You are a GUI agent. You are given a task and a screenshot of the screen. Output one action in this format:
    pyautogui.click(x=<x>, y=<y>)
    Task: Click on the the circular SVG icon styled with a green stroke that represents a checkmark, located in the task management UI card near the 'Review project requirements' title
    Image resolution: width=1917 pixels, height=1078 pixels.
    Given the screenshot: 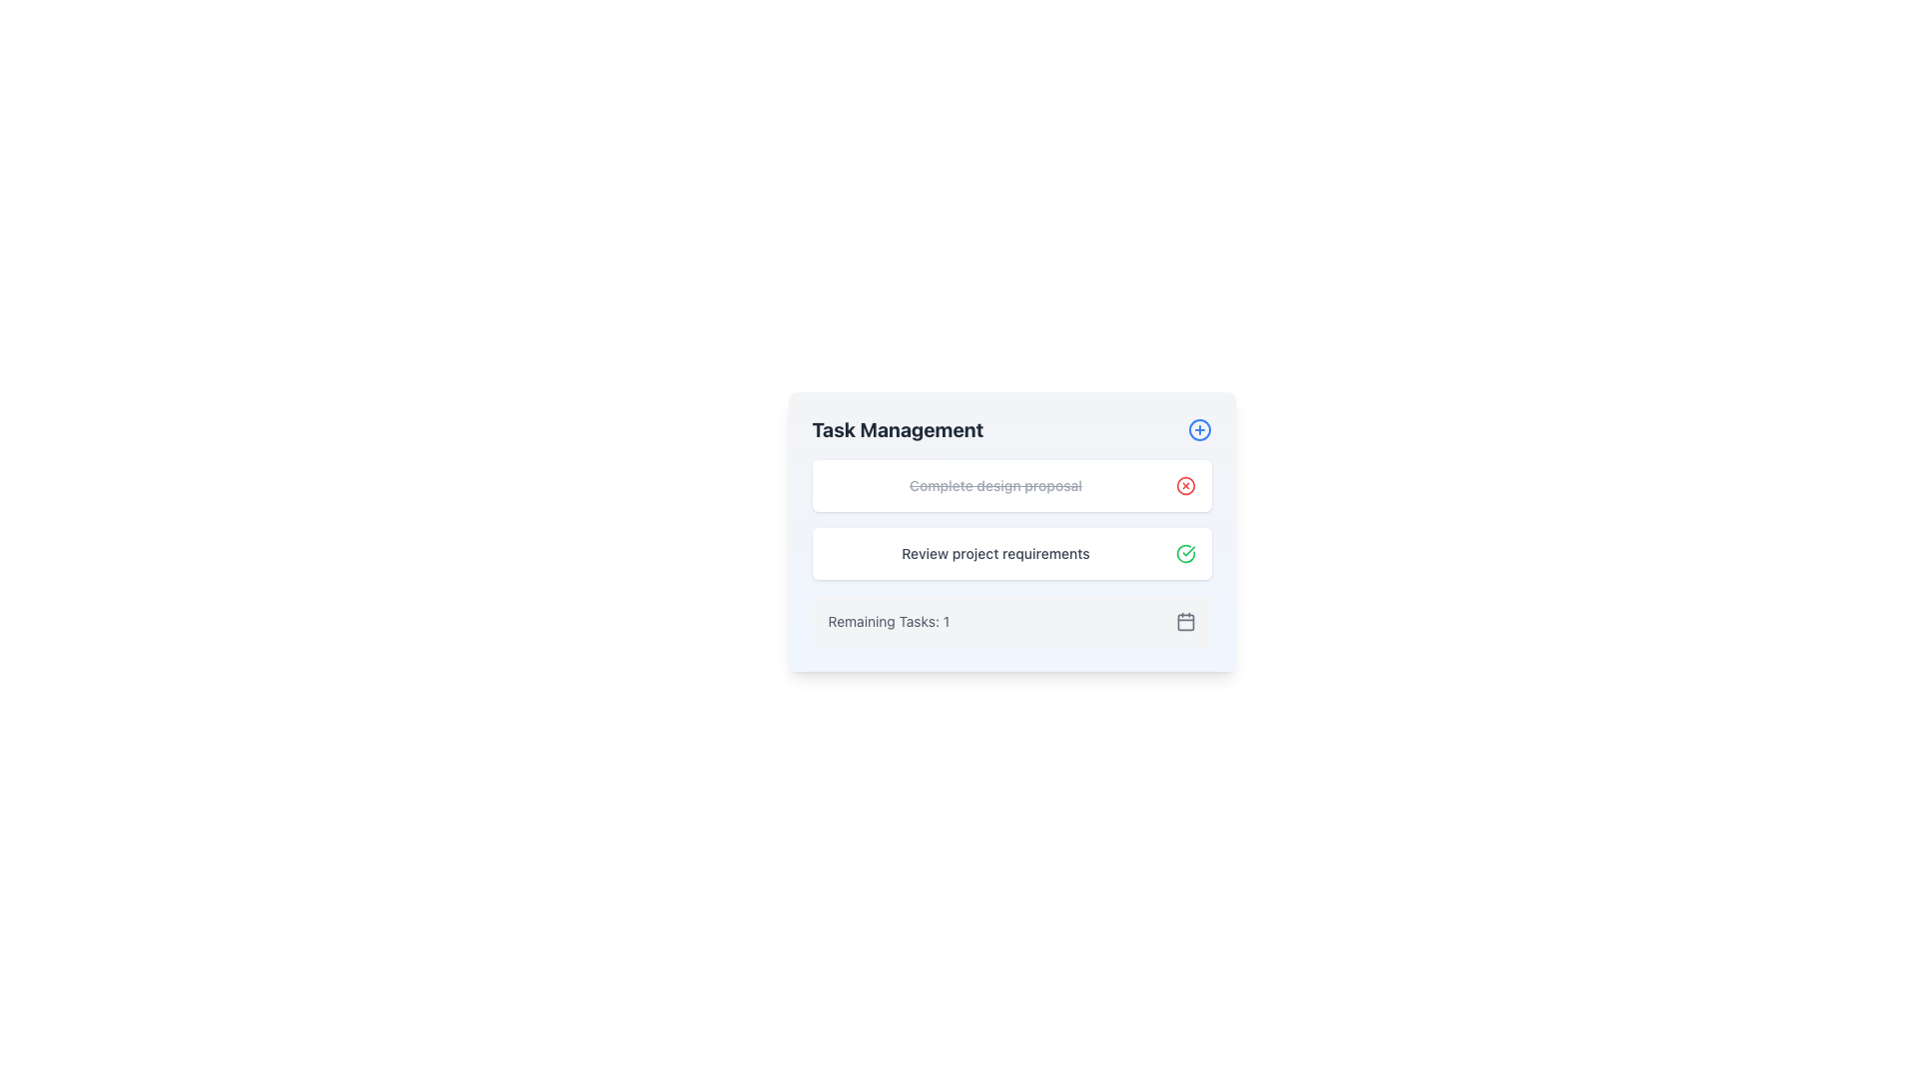 What is the action you would take?
    pyautogui.click(x=1185, y=554)
    